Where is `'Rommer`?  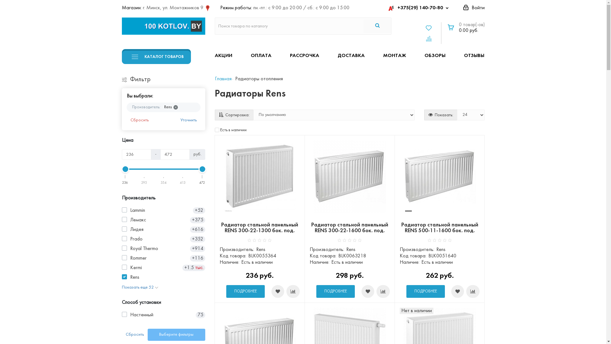
'Rommer is located at coordinates (163, 258).